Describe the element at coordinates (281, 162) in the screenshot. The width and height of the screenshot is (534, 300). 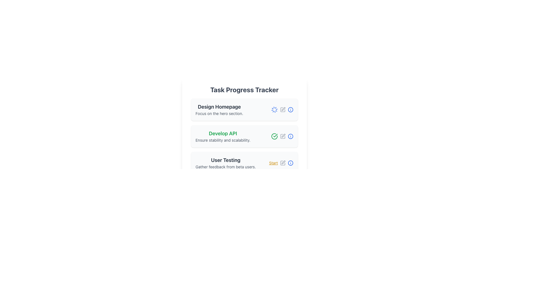
I see `the interactive hyperlink text labeled 'Start' in yellow text with an underline located in the bottom-right corner of the 'User Testing' card` at that location.